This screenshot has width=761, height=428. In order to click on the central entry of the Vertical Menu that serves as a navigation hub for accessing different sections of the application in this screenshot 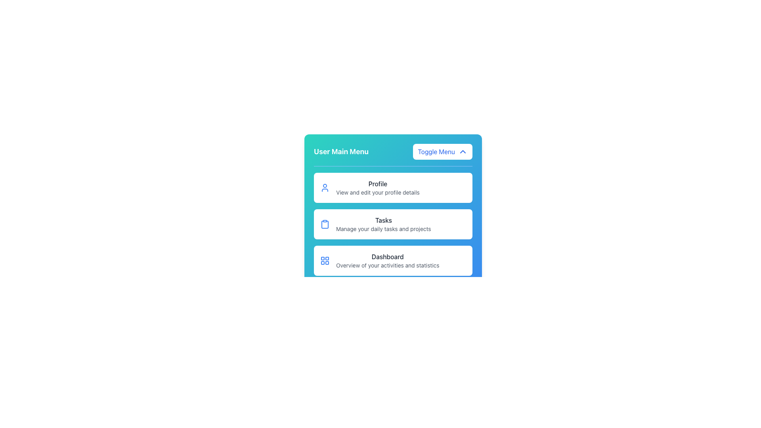, I will do `click(393, 227)`.